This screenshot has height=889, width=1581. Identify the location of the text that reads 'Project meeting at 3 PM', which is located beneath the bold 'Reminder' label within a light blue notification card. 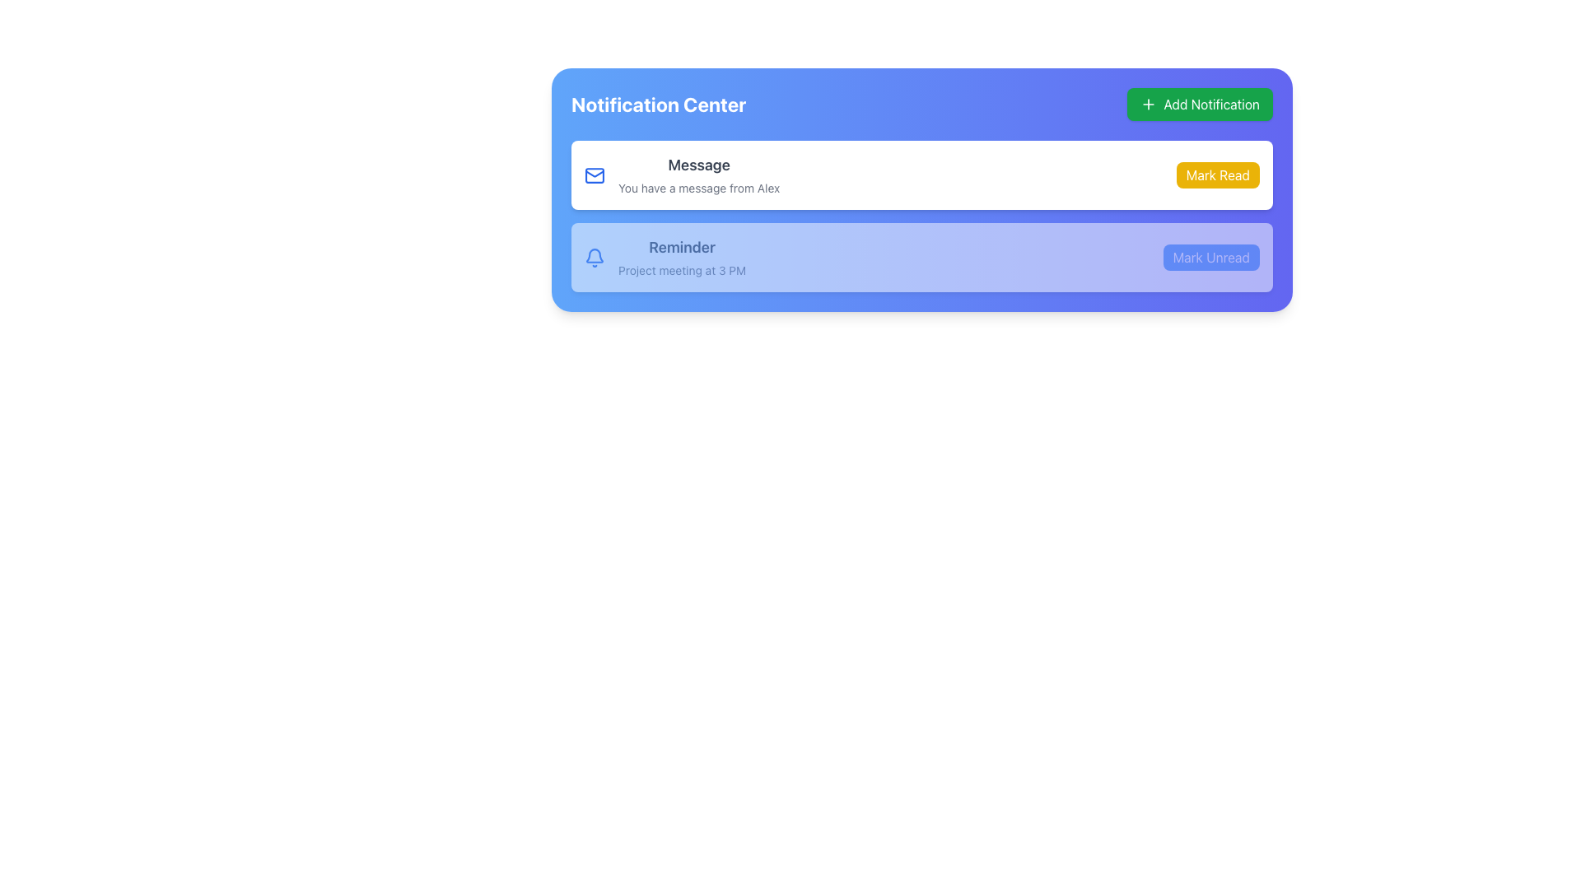
(682, 269).